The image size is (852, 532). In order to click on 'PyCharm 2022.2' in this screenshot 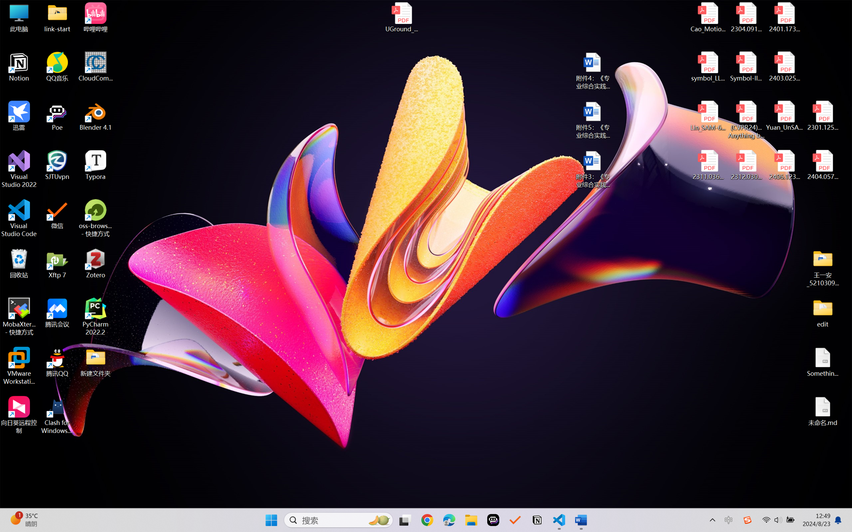, I will do `click(95, 317)`.